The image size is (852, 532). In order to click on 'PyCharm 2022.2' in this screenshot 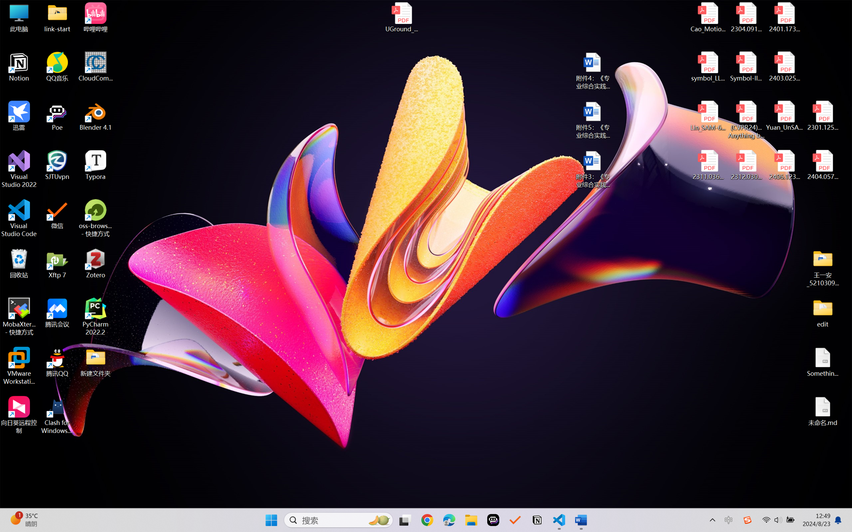, I will do `click(95, 317)`.